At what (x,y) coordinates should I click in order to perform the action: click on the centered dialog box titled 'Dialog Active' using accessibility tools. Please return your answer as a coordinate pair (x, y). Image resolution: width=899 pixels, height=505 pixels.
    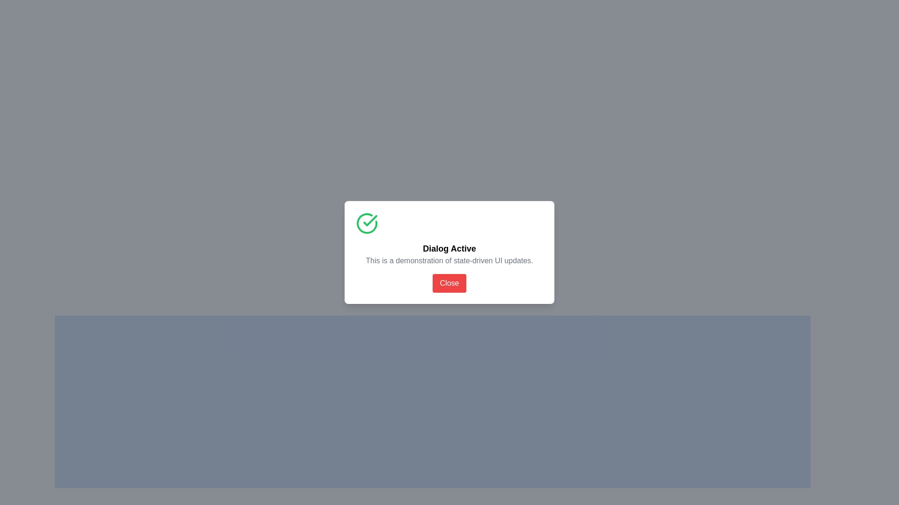
    Looking at the image, I should click on (449, 252).